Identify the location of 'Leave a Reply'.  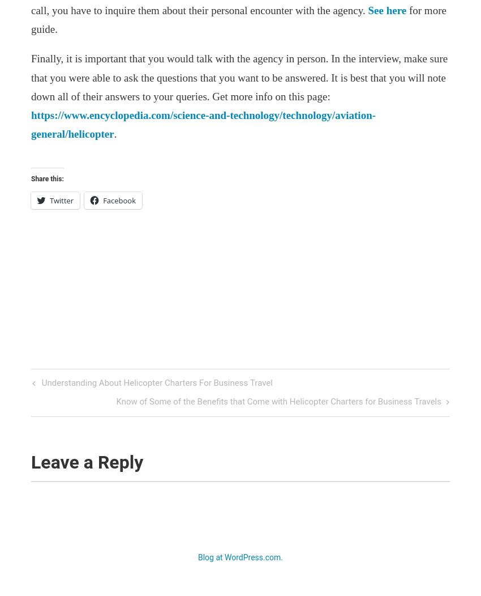
(89, 461).